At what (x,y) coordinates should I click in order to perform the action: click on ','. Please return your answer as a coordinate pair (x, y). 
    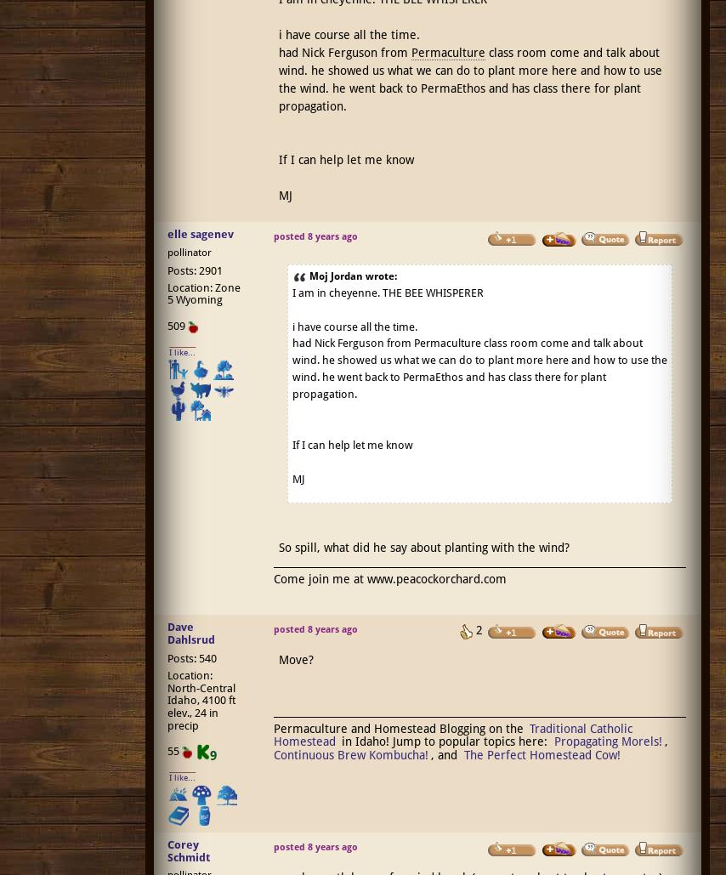
    Looking at the image, I should click on (666, 740).